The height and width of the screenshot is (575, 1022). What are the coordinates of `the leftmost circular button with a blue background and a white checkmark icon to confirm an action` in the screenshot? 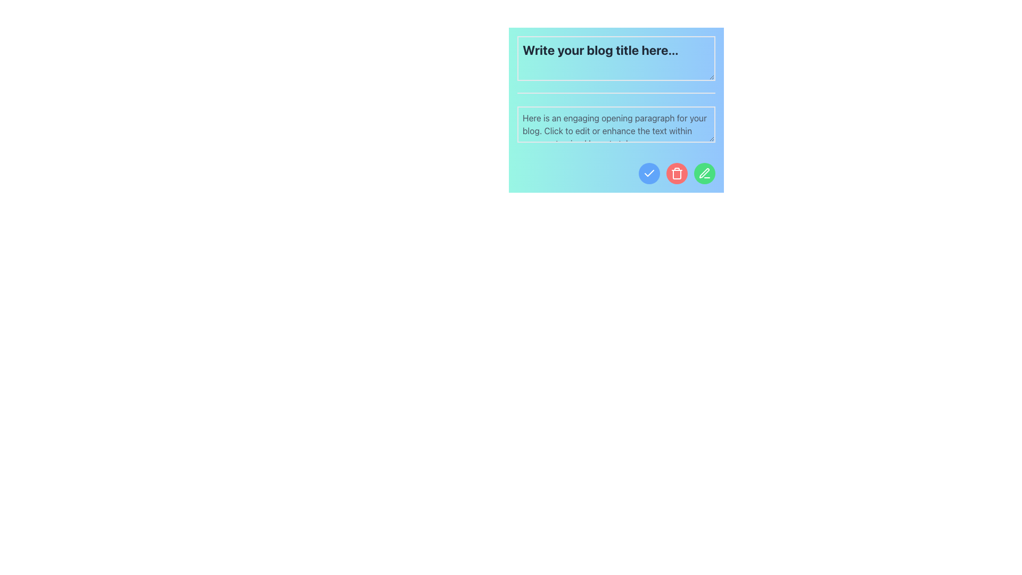 It's located at (648, 173).